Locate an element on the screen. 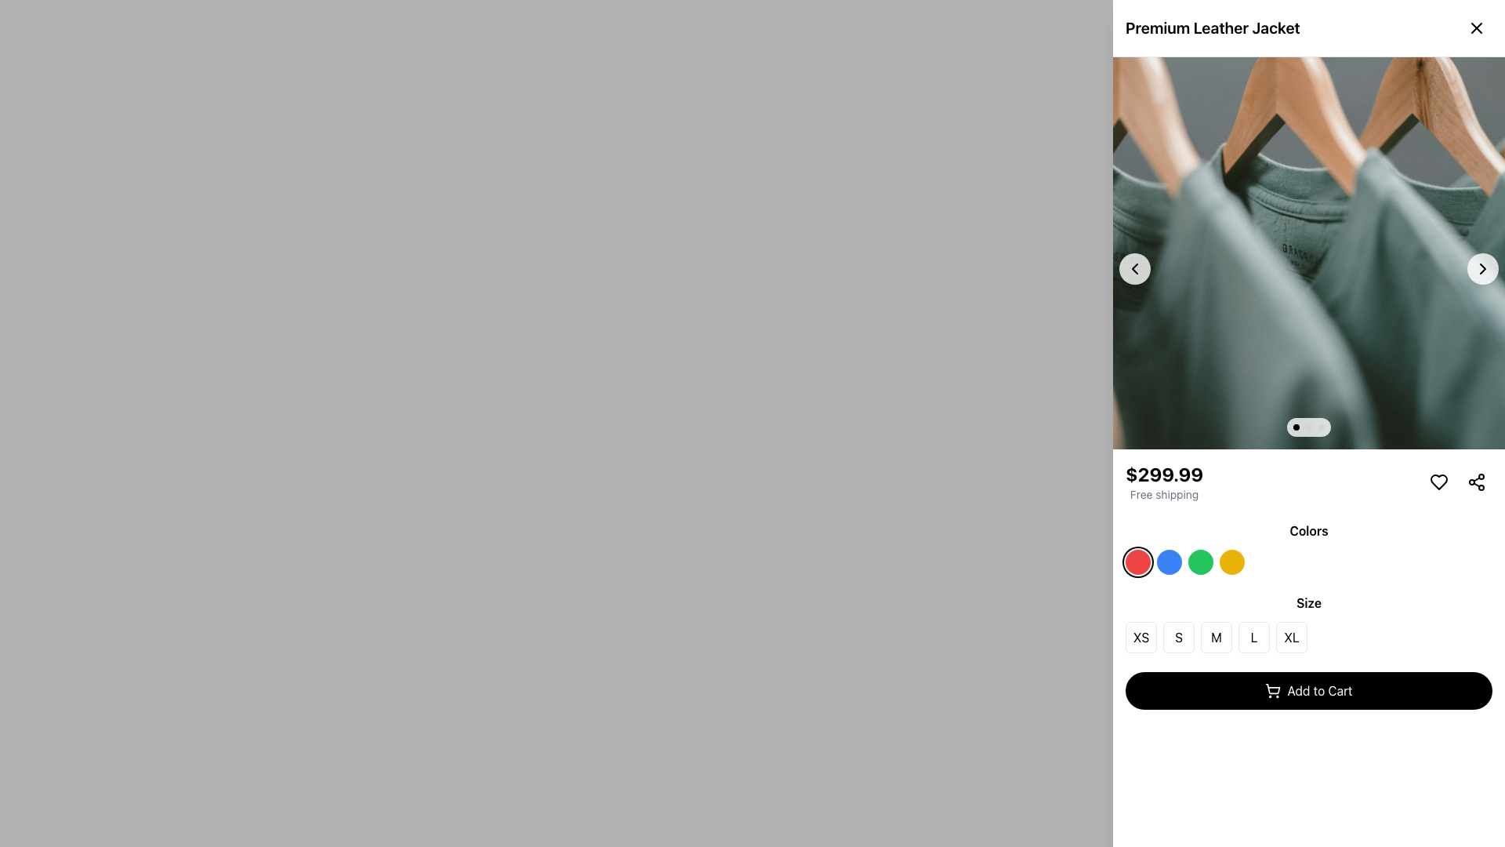 The image size is (1505, 847). the middle gray dot of the page indicator is located at coordinates (1309, 427).